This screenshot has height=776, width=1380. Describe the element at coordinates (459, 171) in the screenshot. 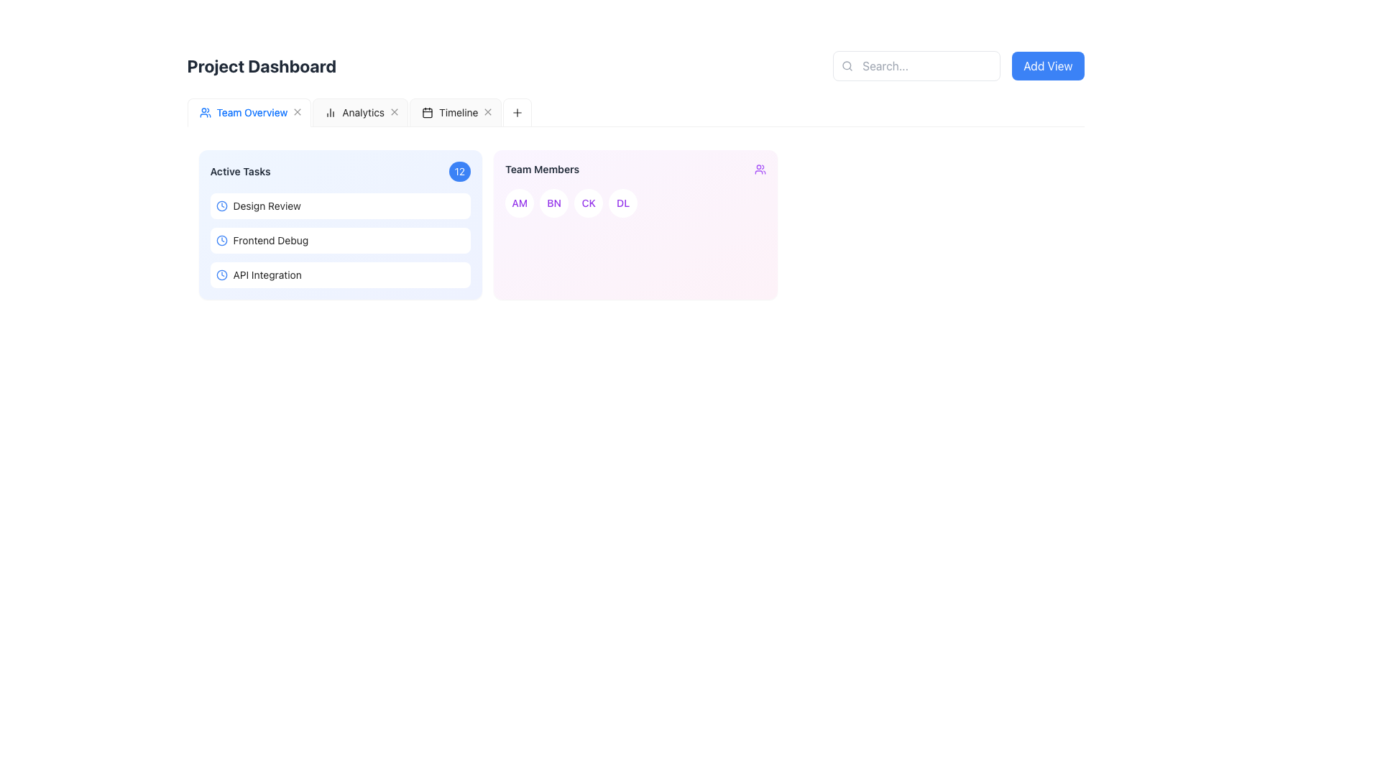

I see `the small blue circular Counter badge containing the text '12' in white, located to the right of the 'Active Tasks' label` at that location.